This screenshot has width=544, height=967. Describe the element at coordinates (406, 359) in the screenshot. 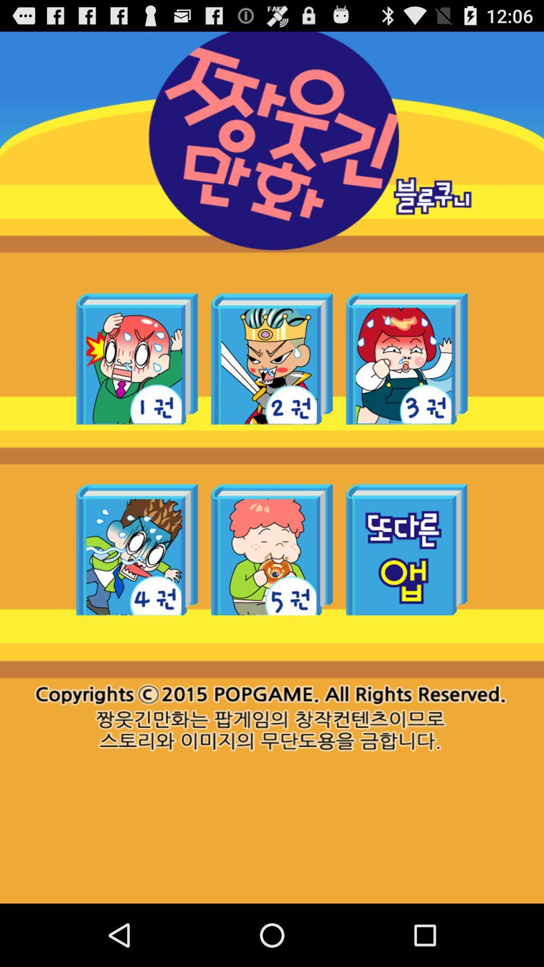

I see `option` at that location.